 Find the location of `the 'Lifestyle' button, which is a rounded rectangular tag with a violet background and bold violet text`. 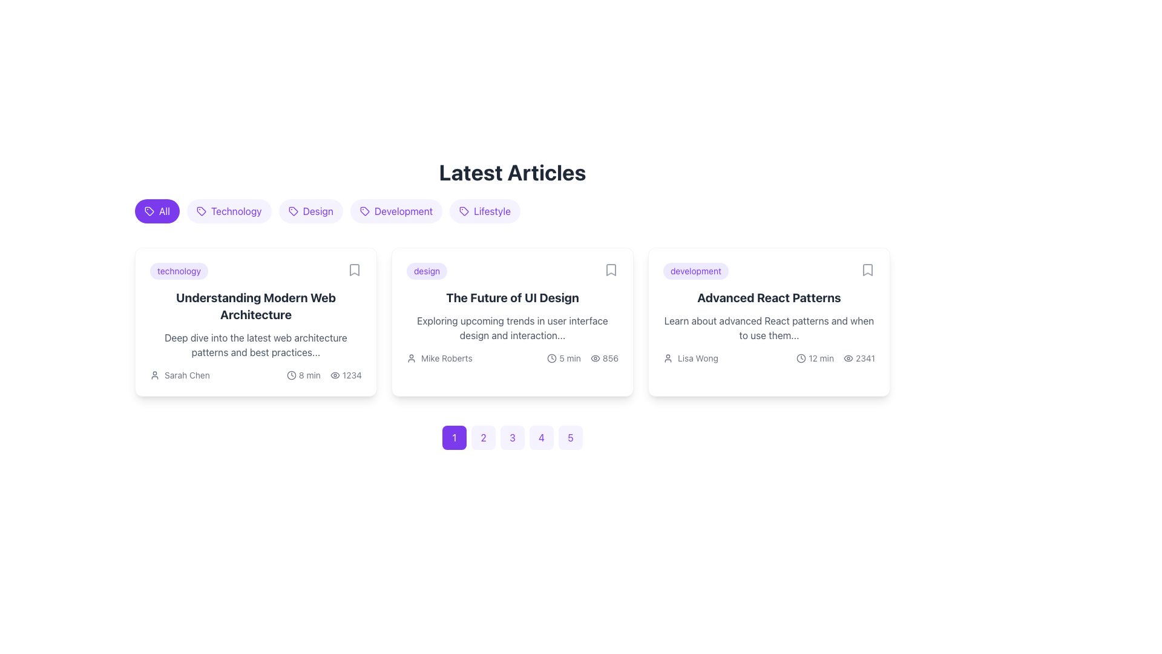

the 'Lifestyle' button, which is a rounded rectangular tag with a violet background and bold violet text is located at coordinates (485, 210).